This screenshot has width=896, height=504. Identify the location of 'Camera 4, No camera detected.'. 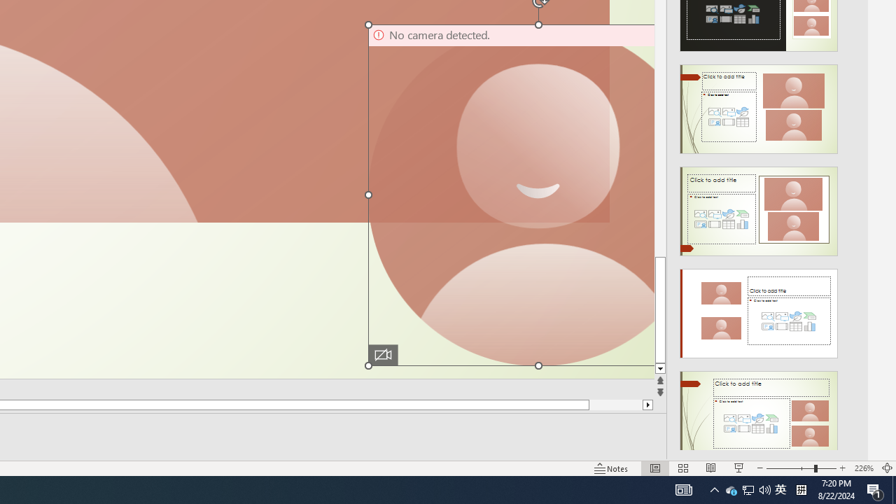
(509, 195).